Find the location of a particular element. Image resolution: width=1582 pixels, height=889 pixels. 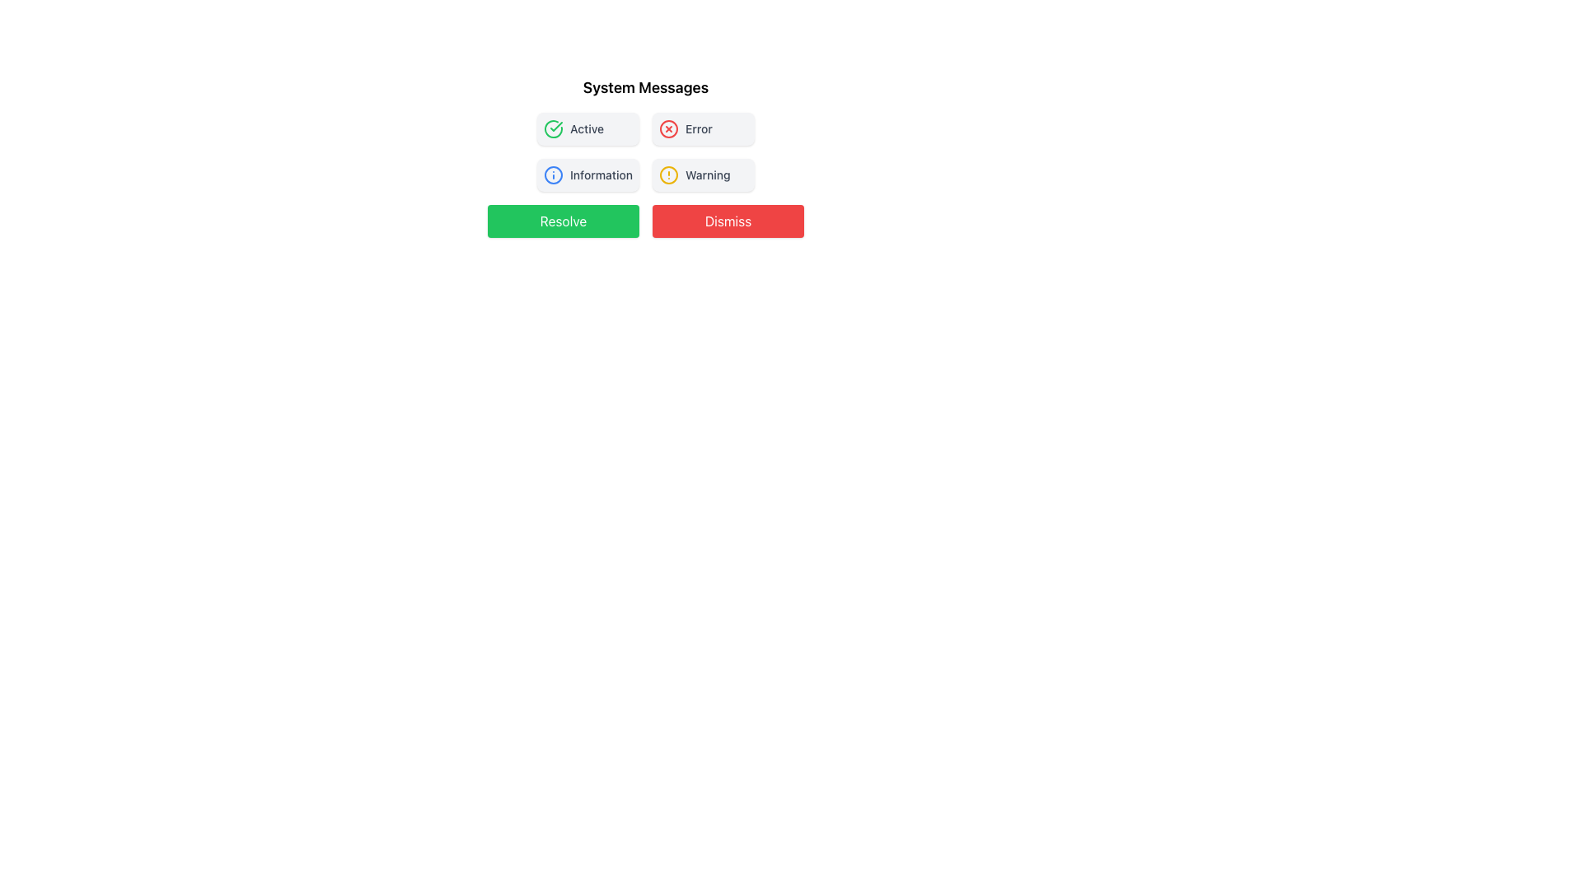

the interactive button located to the left of the 'Dismiss' button, which is positioned below a title and informational buttons is located at coordinates (564, 221).